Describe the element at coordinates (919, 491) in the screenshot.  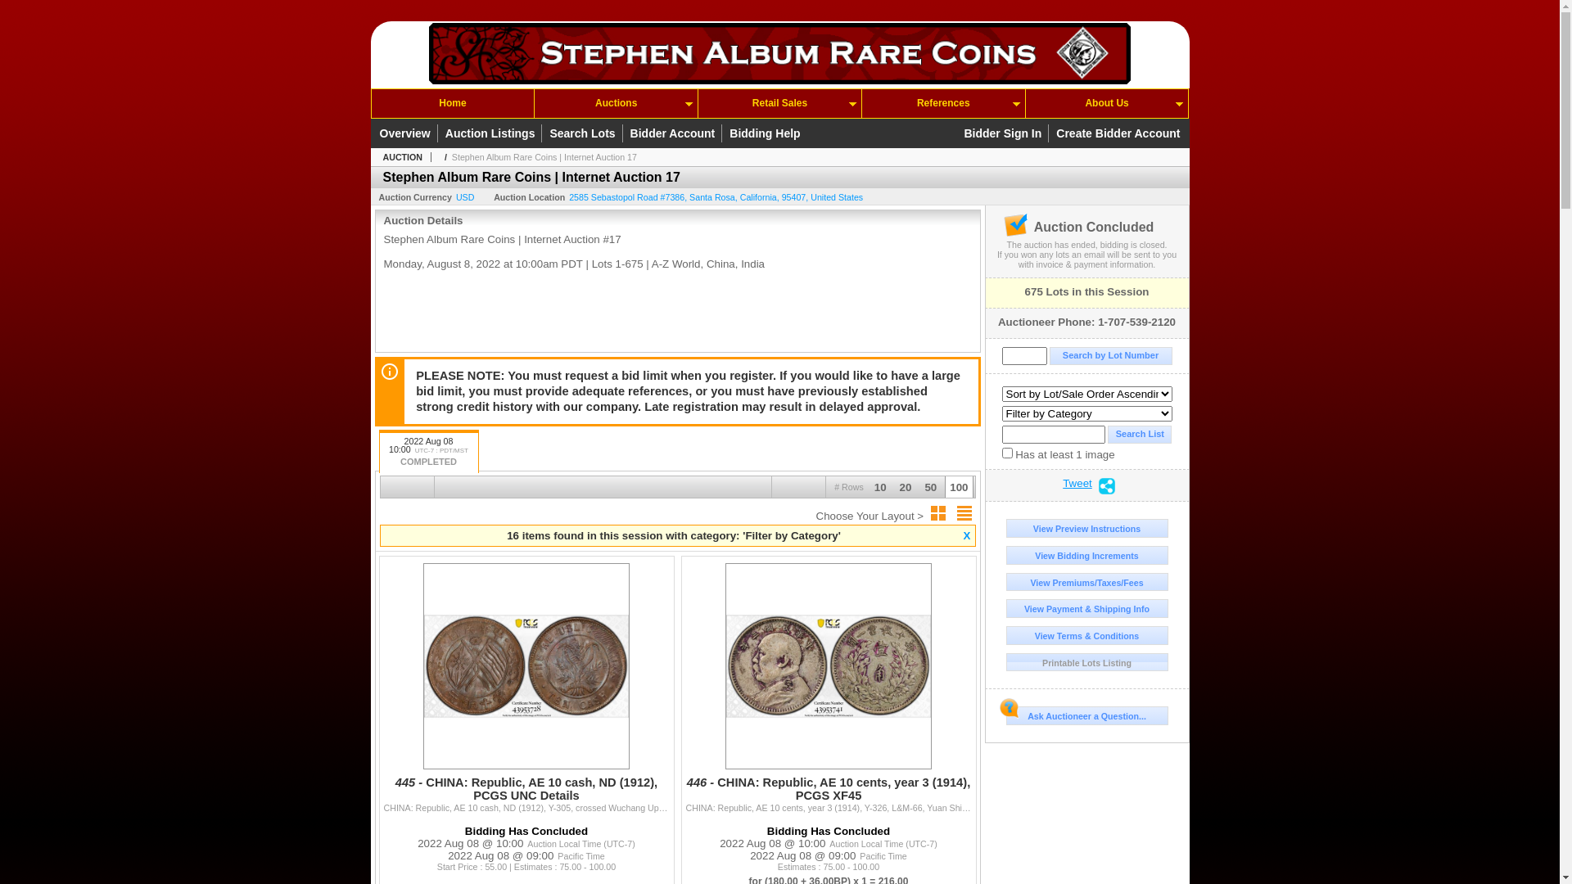
I see `'50'` at that location.